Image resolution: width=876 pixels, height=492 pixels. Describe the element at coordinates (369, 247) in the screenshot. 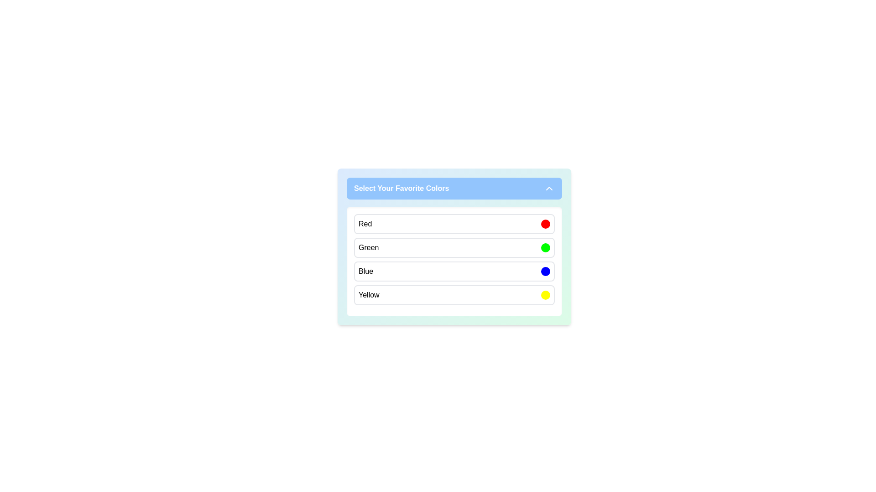

I see `the label element that reads 'Green' in bold black font, located in the color selection interface panel labeled 'Select Your Favorite Colors'` at that location.